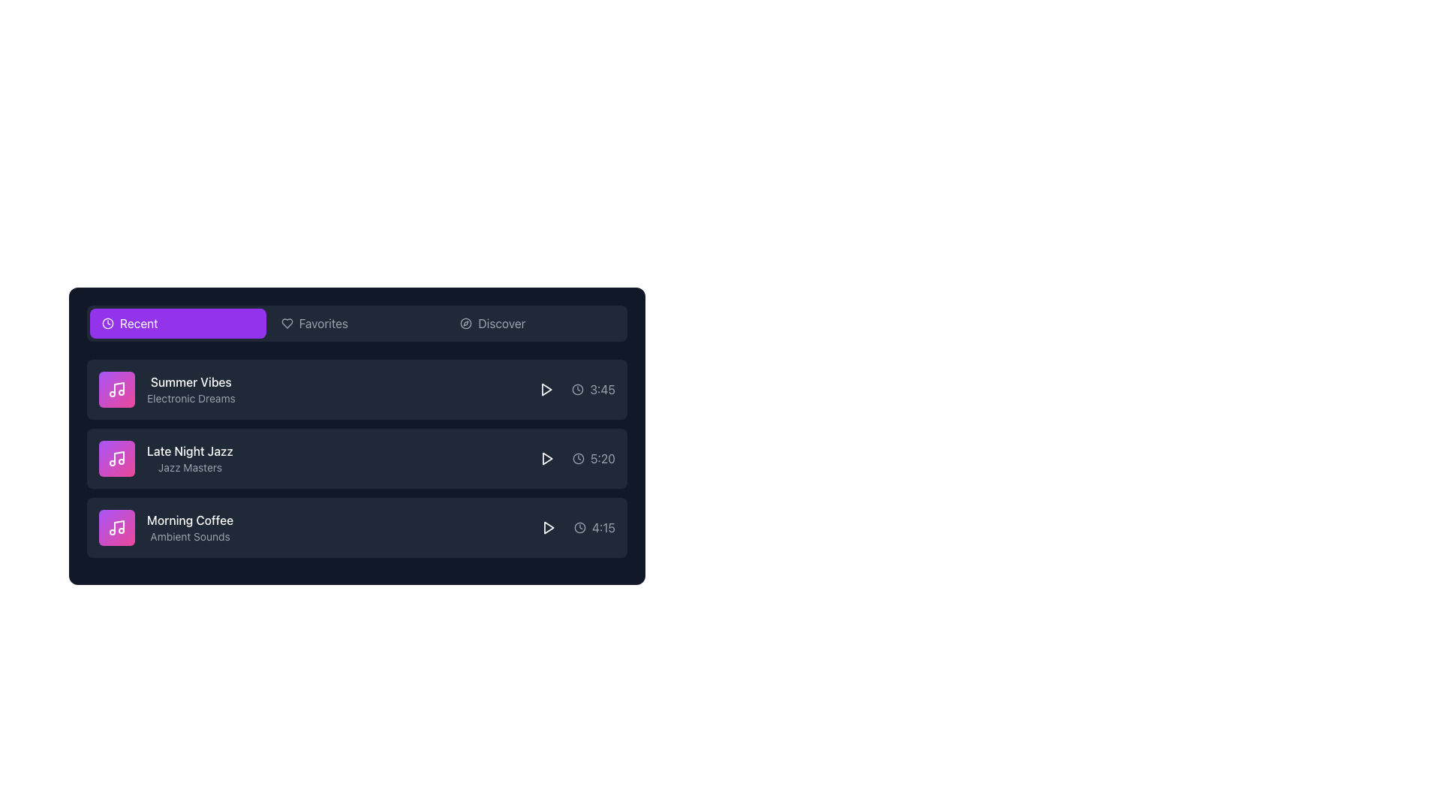 Image resolution: width=1441 pixels, height=811 pixels. Describe the element at coordinates (546, 457) in the screenshot. I see `the playback control button located to the left of the track duration '5:20' in the row for the track named 'Late Night Jazz' to initiate playback` at that location.